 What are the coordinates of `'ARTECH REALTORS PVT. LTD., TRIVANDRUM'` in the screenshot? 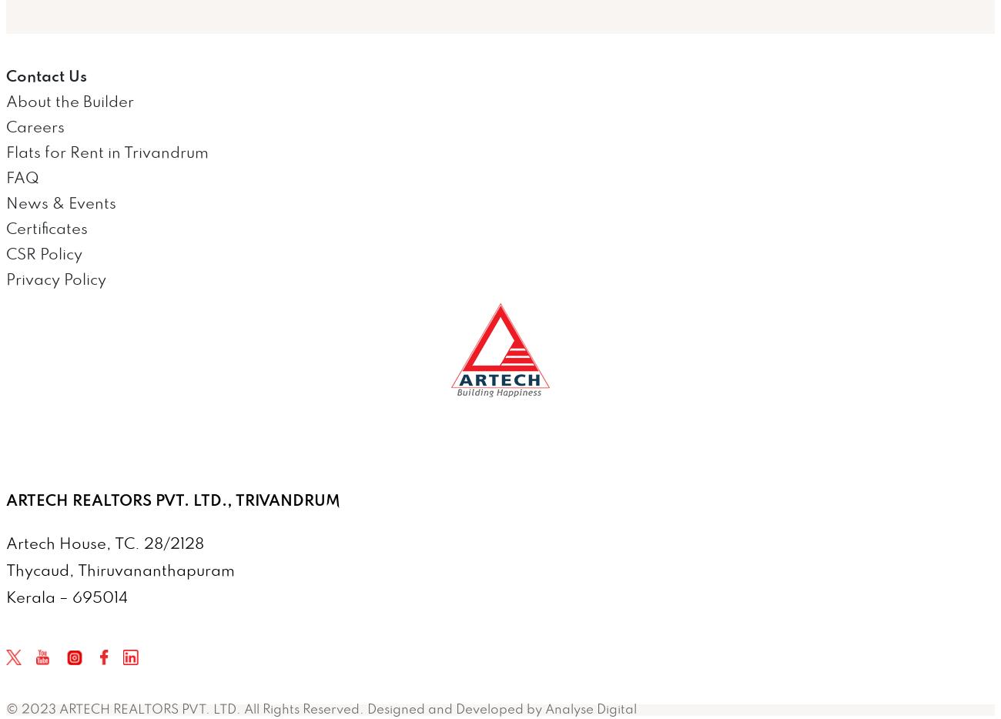 It's located at (172, 500).